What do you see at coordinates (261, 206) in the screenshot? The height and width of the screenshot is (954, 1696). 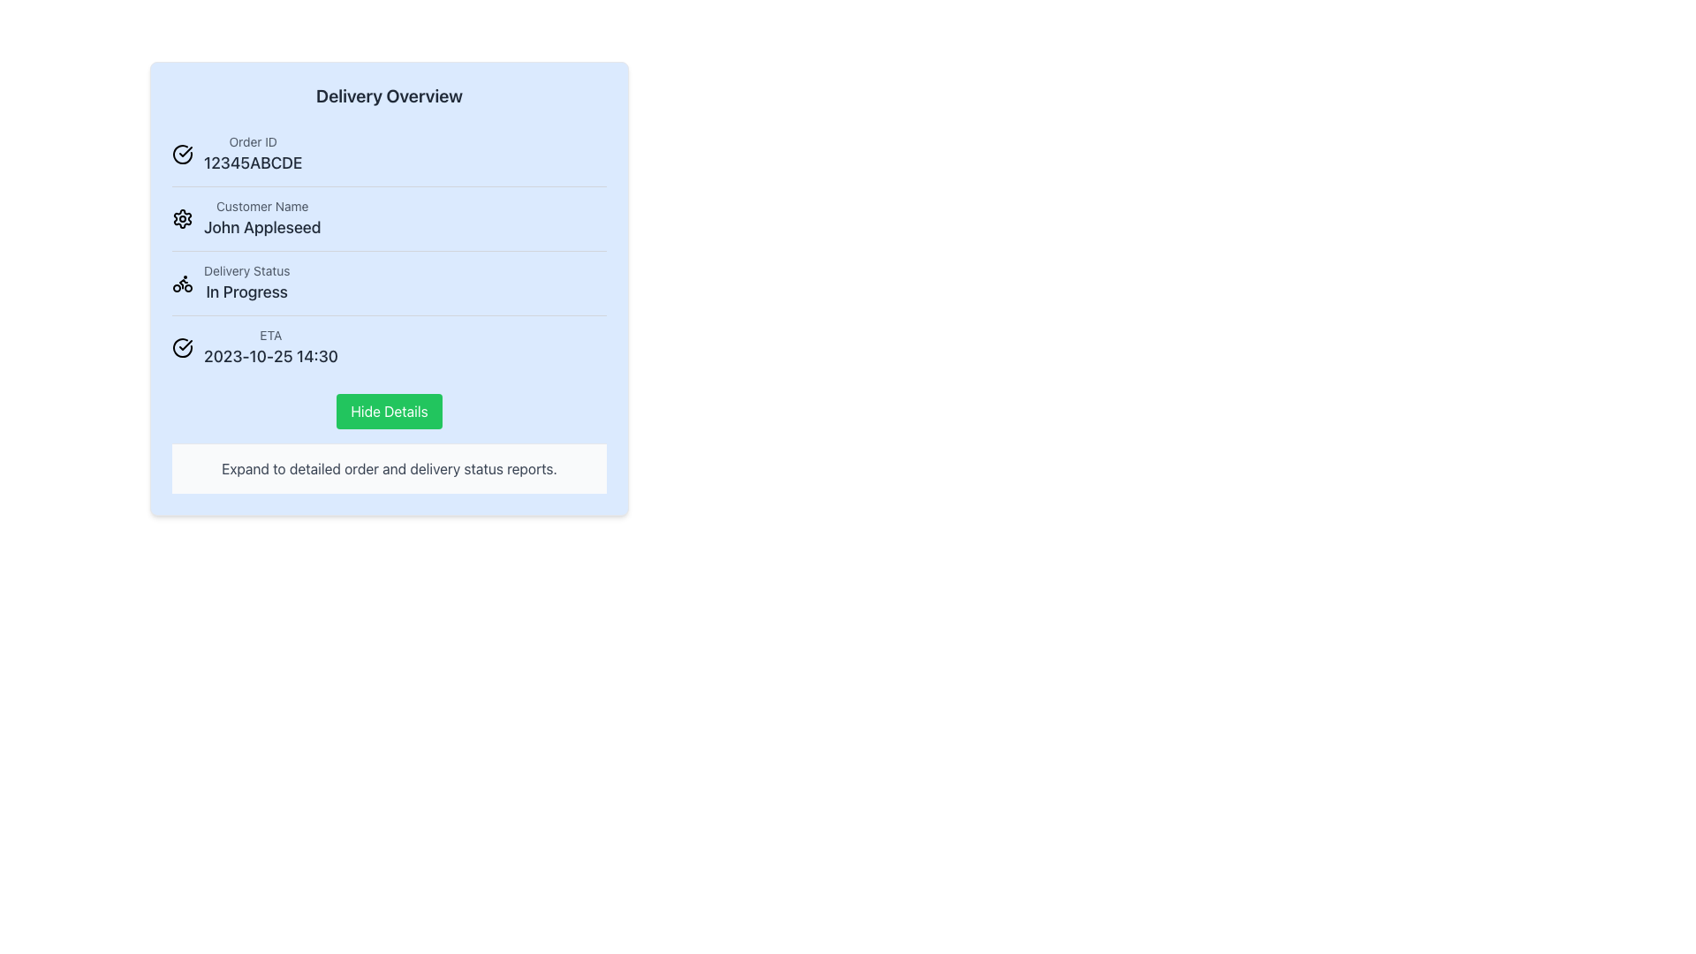 I see `the static text label displaying 'Customer Name' in light gray color, located within the blue background card titled 'Delivery Overview'` at bounding box center [261, 206].